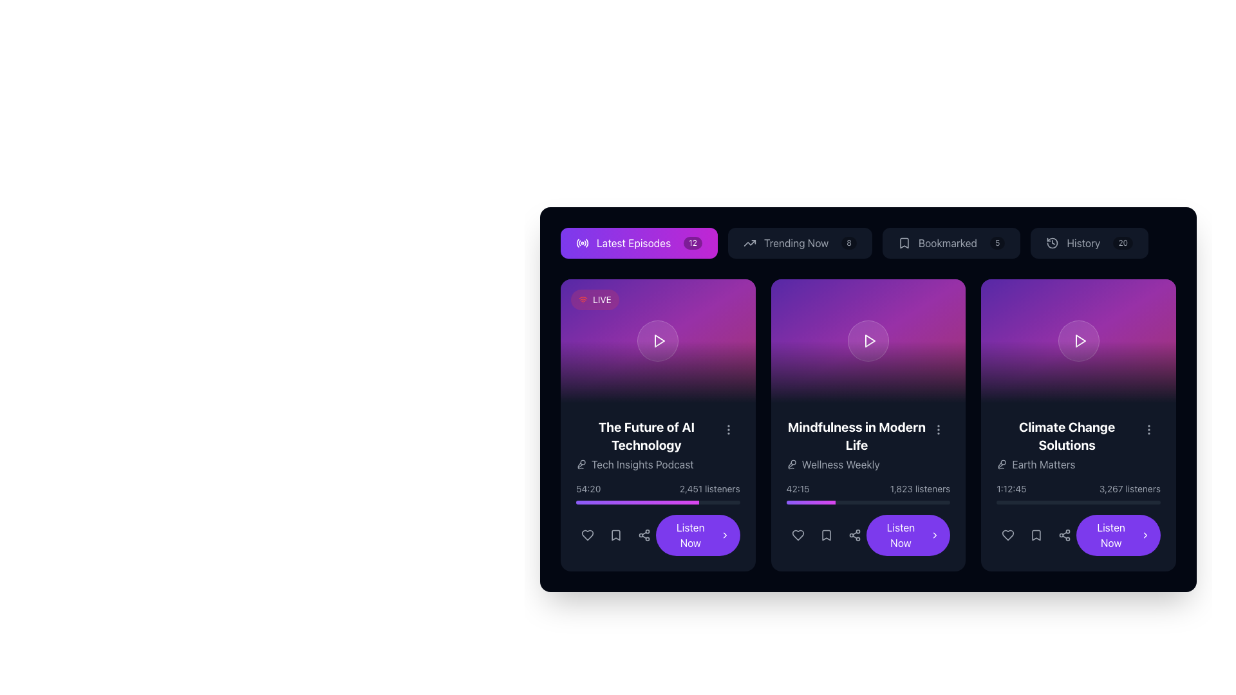 This screenshot has height=695, width=1236. Describe the element at coordinates (659, 340) in the screenshot. I see `the play button located at the top-center of the leftmost card in the group of three cards` at that location.